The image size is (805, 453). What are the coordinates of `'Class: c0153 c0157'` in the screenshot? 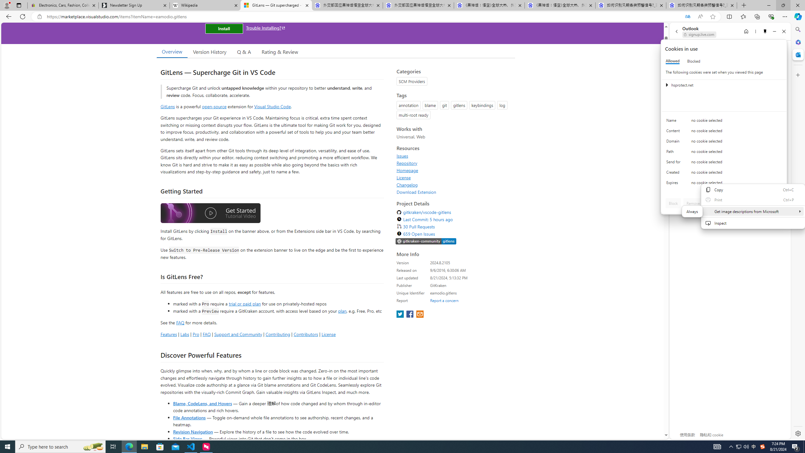 It's located at (724, 184).